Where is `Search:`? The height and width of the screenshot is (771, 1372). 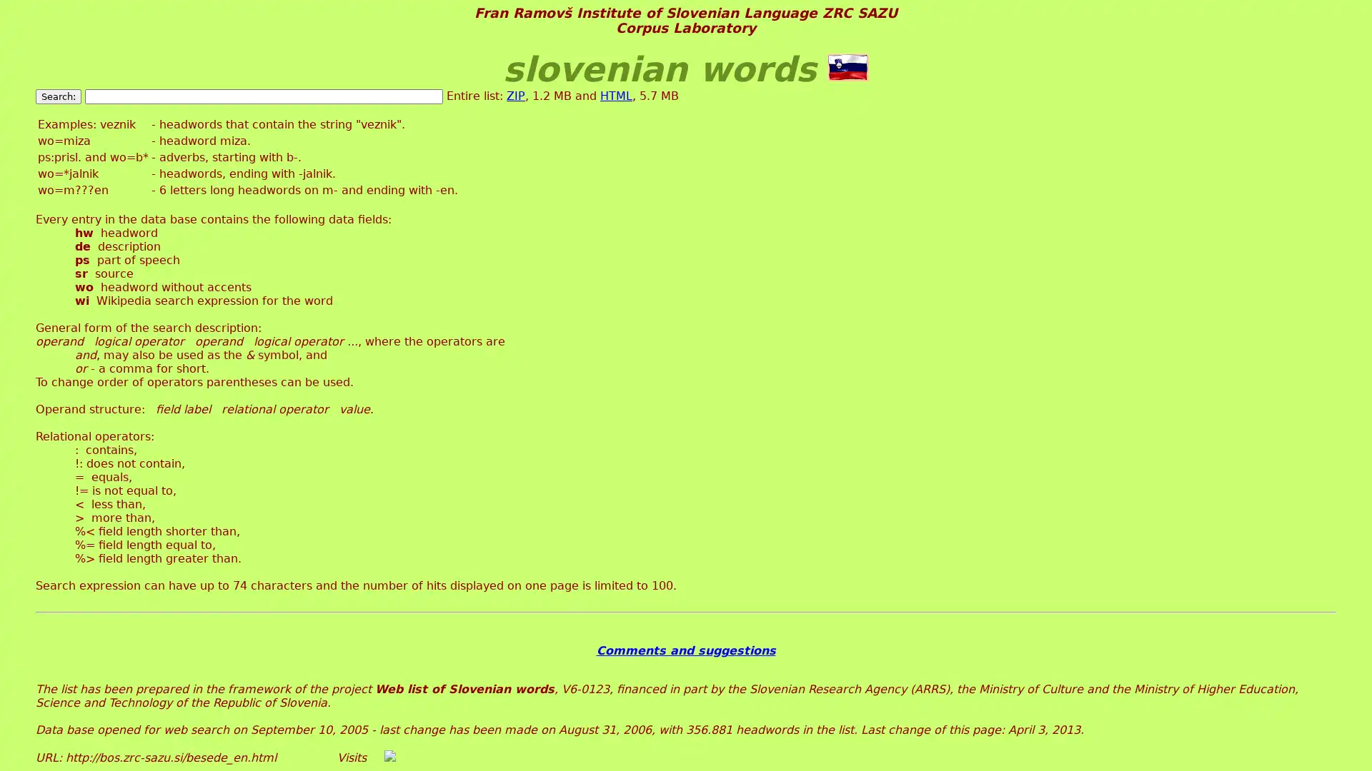
Search: is located at coordinates (57, 96).